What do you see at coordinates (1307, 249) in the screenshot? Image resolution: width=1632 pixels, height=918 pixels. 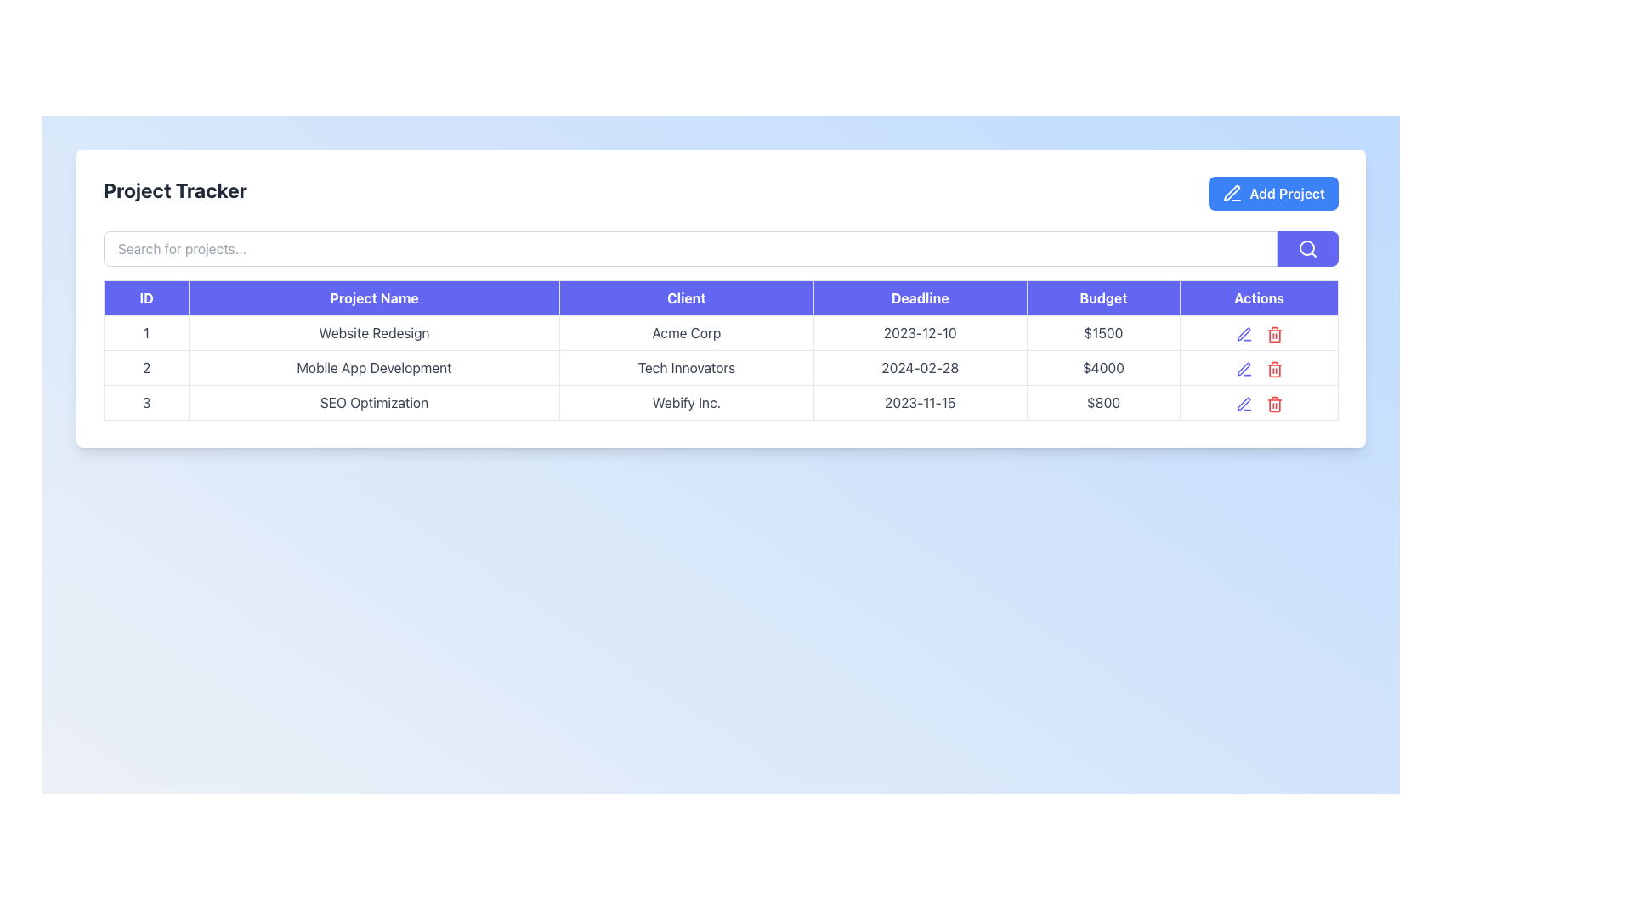 I see `the search button with a prominent indigo background and a white magnifying glass icon` at bounding box center [1307, 249].